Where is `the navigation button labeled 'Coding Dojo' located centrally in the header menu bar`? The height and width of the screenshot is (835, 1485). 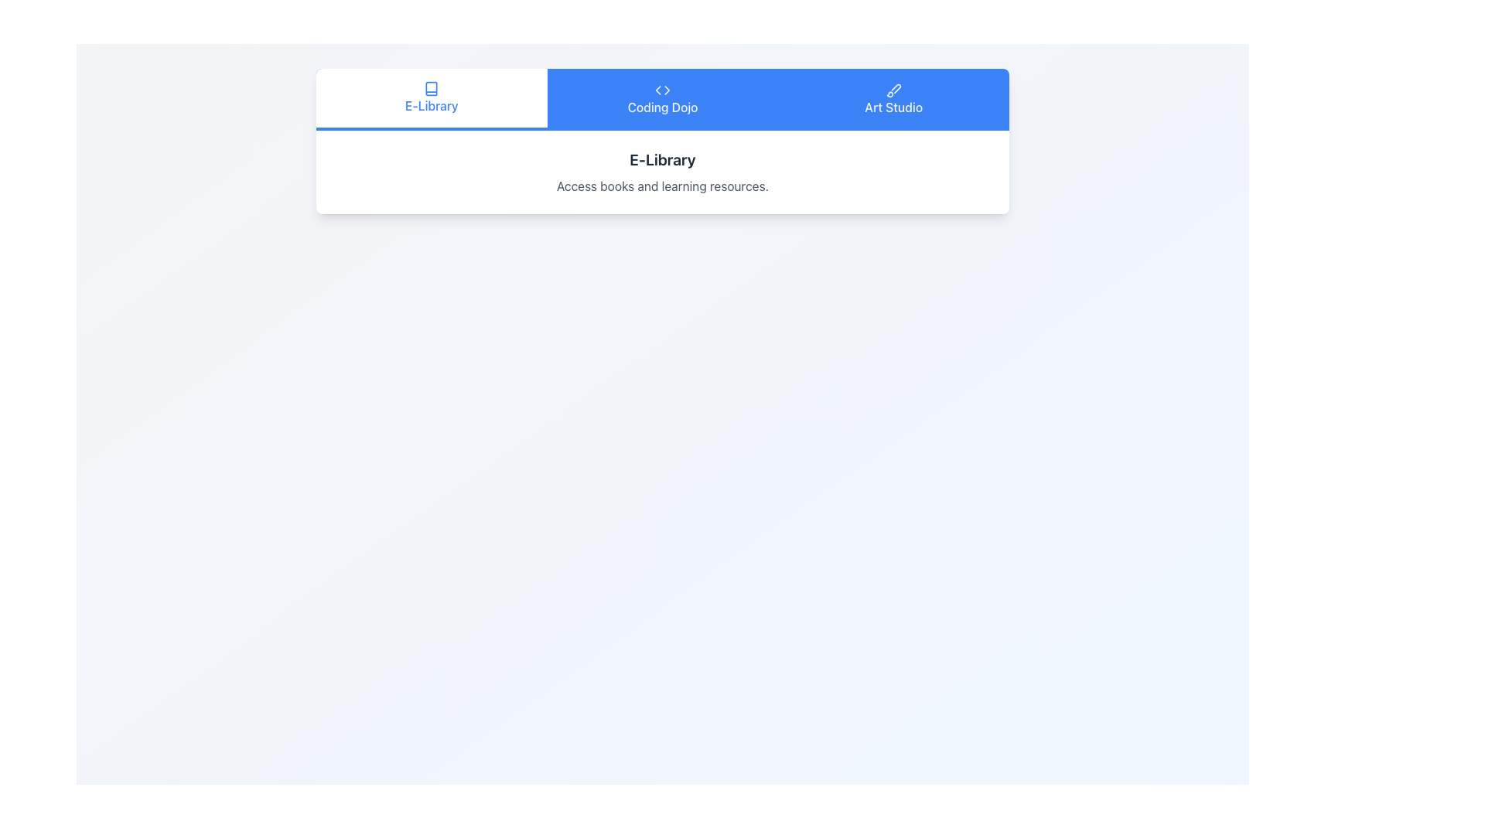
the navigation button labeled 'Coding Dojo' located centrally in the header menu bar is located at coordinates (663, 99).